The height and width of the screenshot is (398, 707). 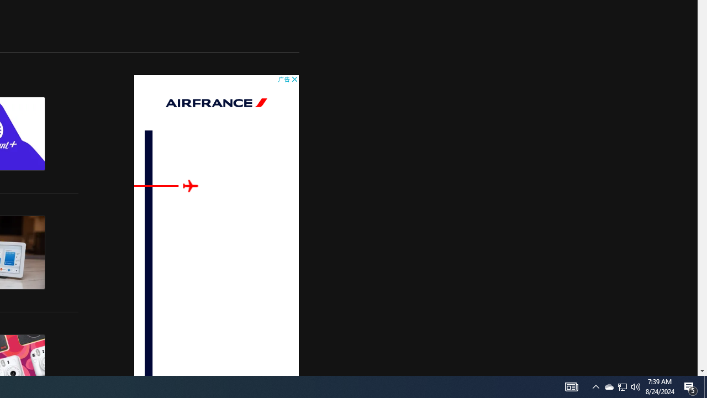 What do you see at coordinates (294, 78) in the screenshot?
I see `'AutomationID: cbb'` at bounding box center [294, 78].